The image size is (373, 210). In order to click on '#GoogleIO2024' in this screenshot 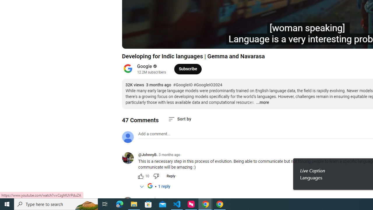, I will do `click(208, 85)`.